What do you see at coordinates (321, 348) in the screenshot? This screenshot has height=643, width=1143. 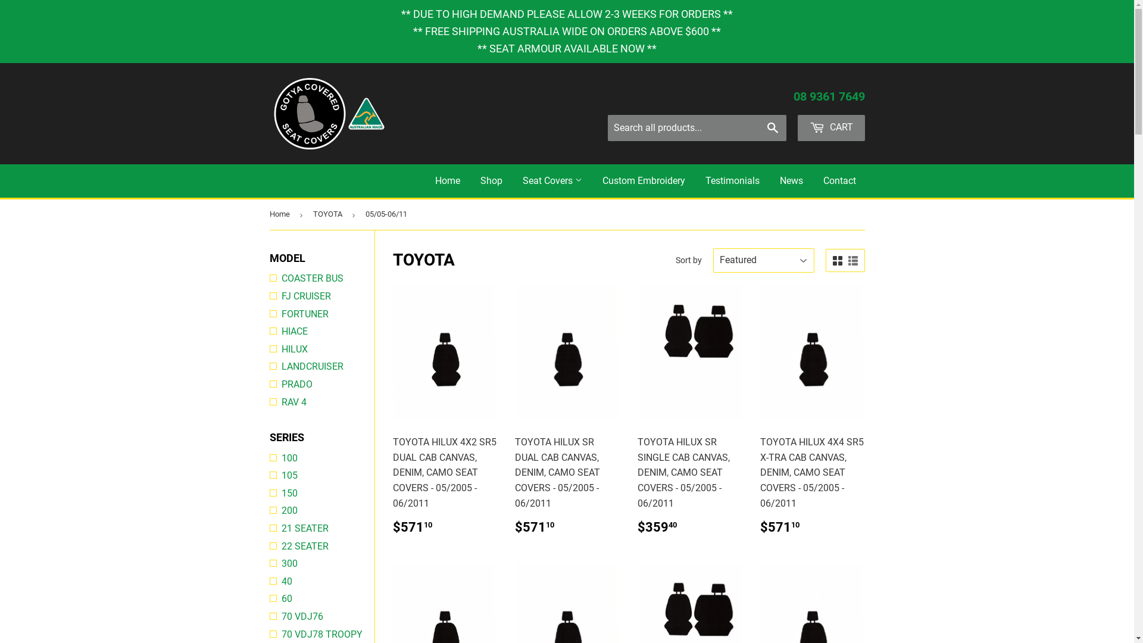 I see `'HILUX'` at bounding box center [321, 348].